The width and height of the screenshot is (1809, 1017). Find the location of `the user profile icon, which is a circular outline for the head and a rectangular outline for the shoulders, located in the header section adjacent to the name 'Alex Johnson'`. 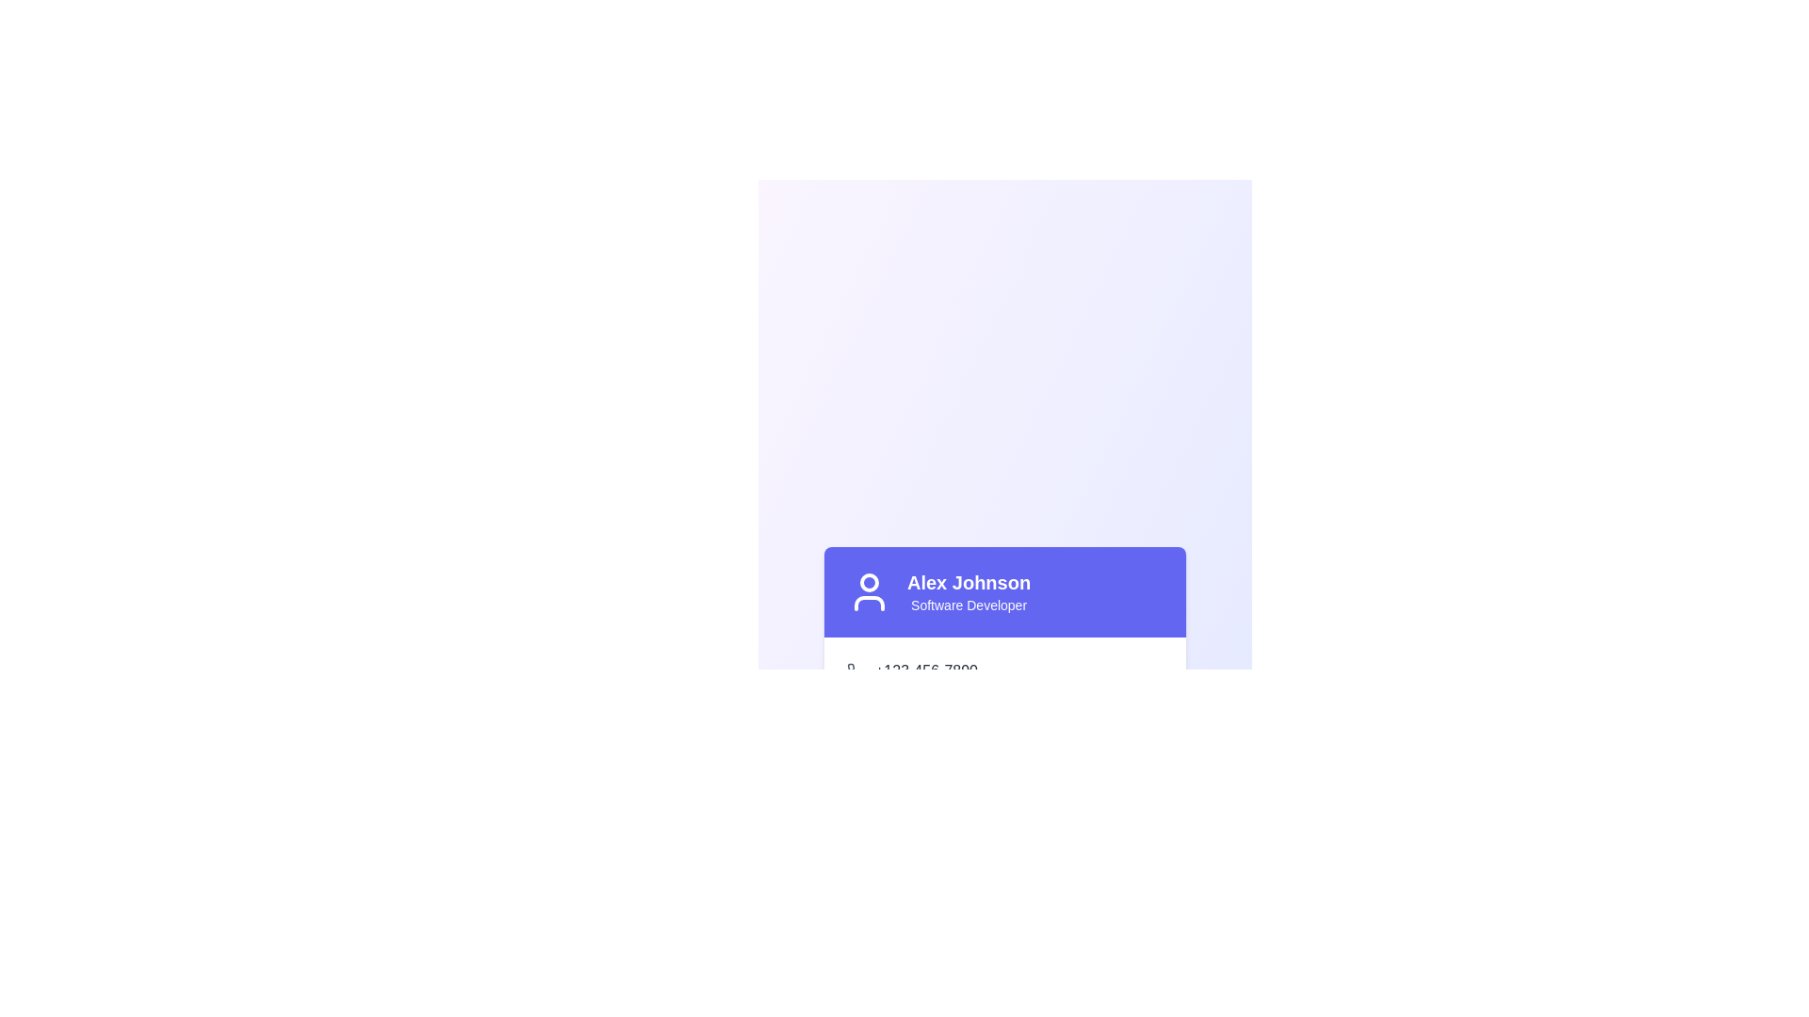

the user profile icon, which is a circular outline for the head and a rectangular outline for the shoulders, located in the header section adjacent to the name 'Alex Johnson' is located at coordinates (868, 590).